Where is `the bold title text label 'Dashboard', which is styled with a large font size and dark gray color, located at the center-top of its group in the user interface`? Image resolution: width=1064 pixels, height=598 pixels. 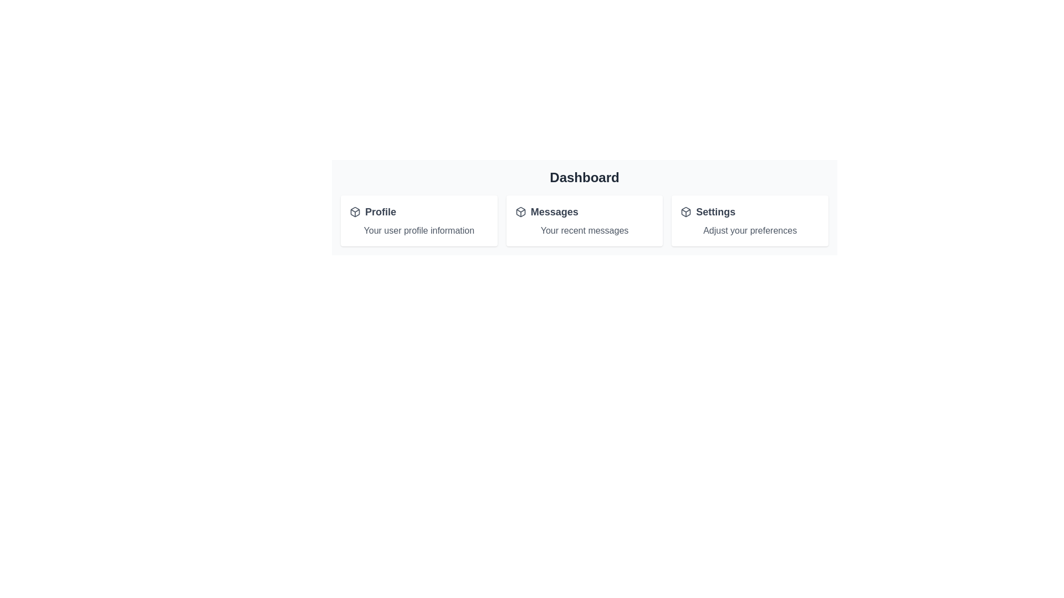
the bold title text label 'Dashboard', which is styled with a large font size and dark gray color, located at the center-top of its group in the user interface is located at coordinates (584, 177).